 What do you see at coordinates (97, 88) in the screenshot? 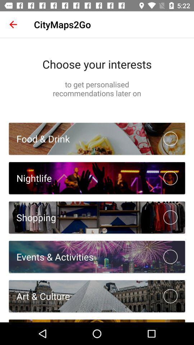
I see `the to get personalised` at bounding box center [97, 88].